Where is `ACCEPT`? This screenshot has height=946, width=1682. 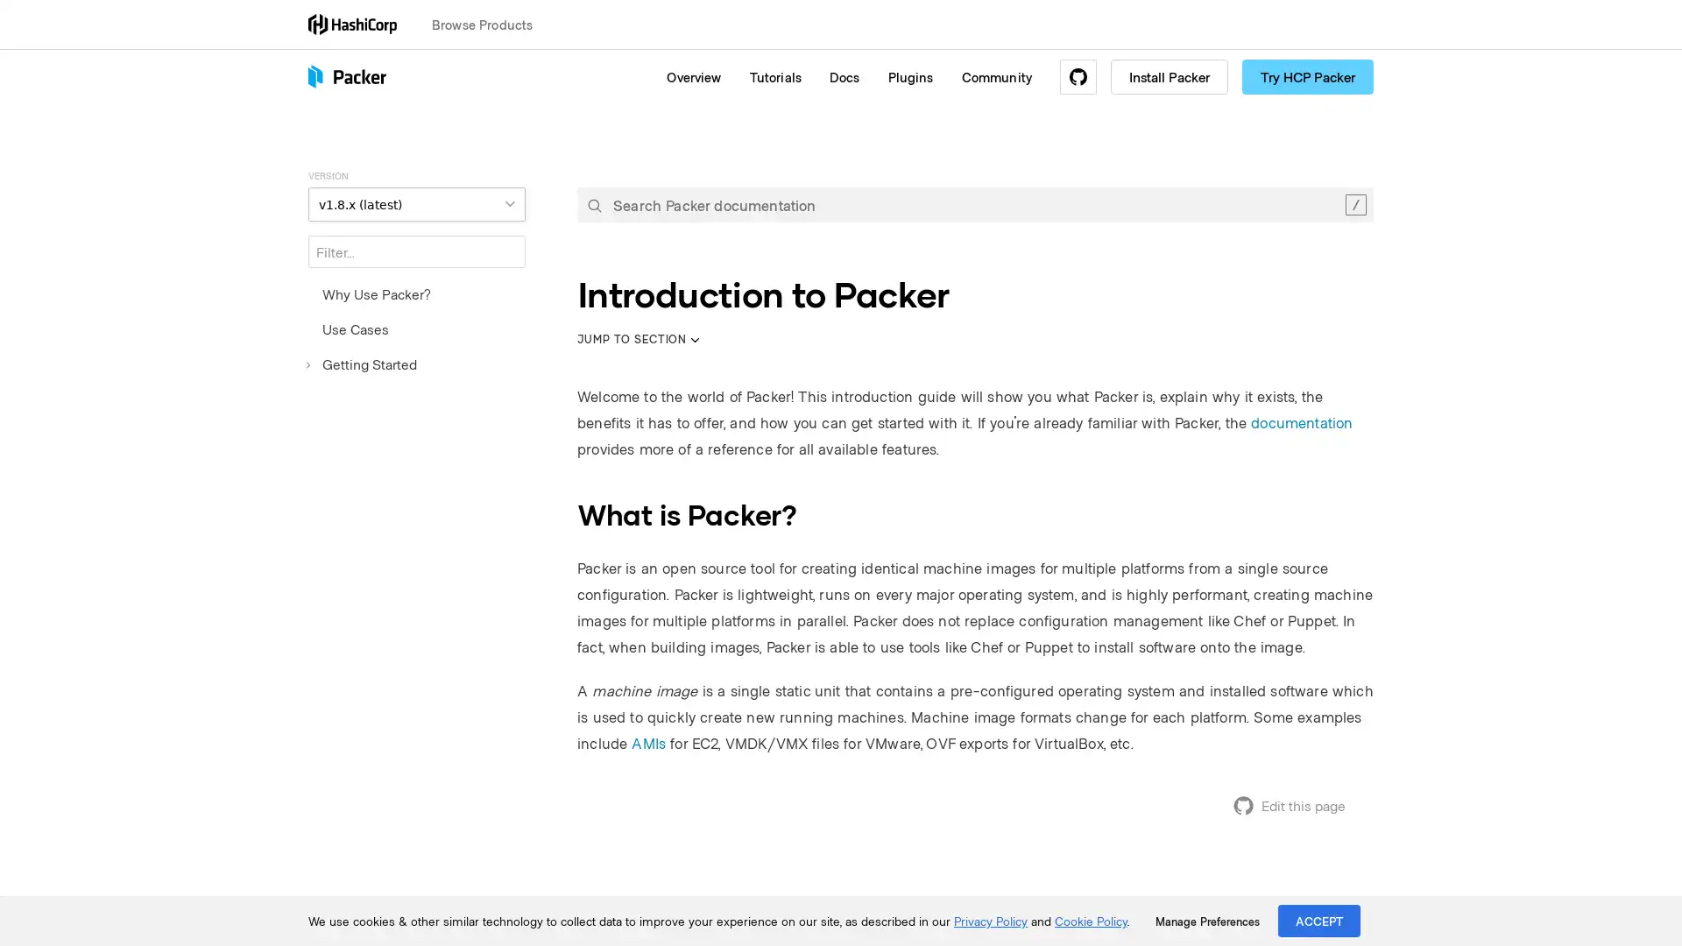 ACCEPT is located at coordinates (1319, 920).